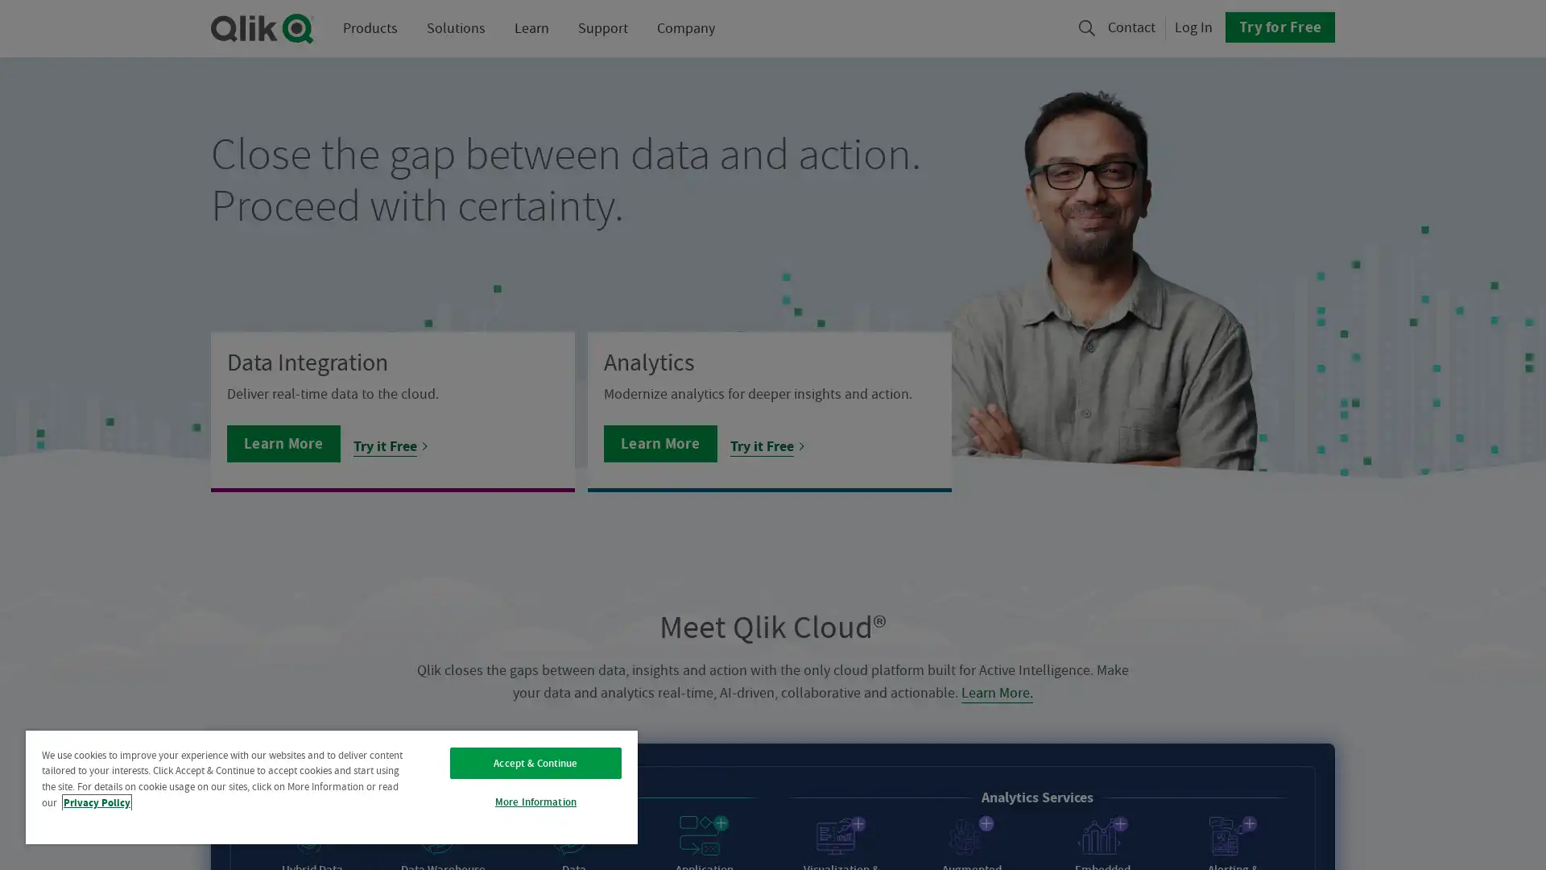  Describe the element at coordinates (535, 761) in the screenshot. I see `Accept & Continue` at that location.